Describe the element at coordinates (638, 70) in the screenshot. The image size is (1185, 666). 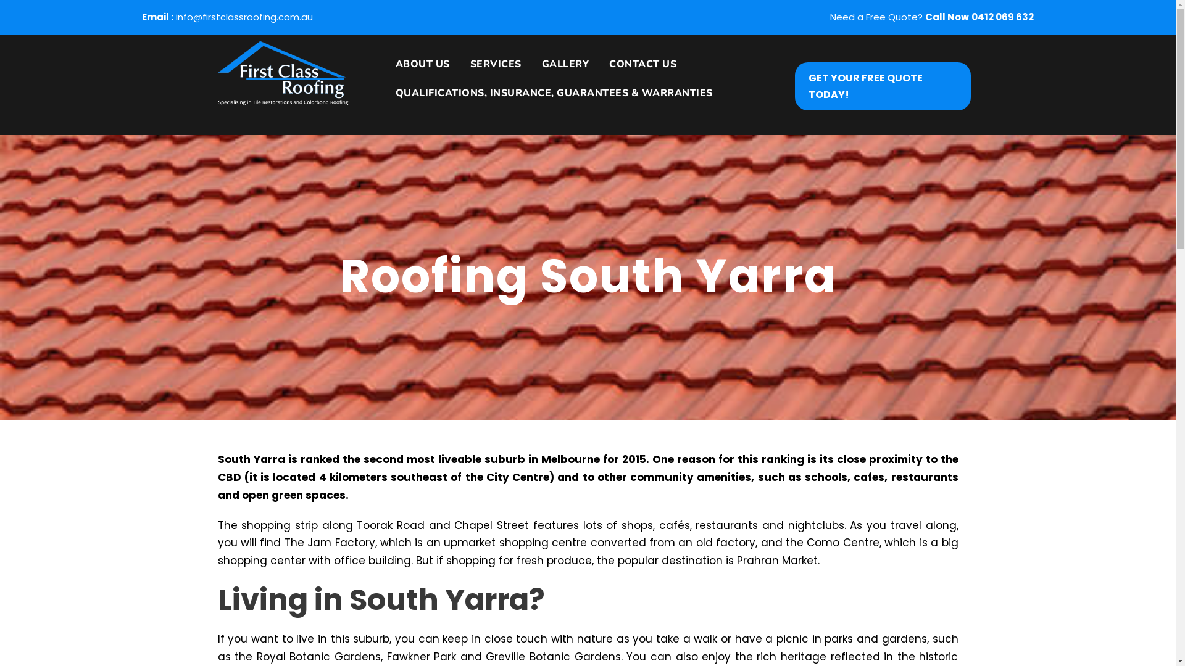
I see `'CONTACT US'` at that location.